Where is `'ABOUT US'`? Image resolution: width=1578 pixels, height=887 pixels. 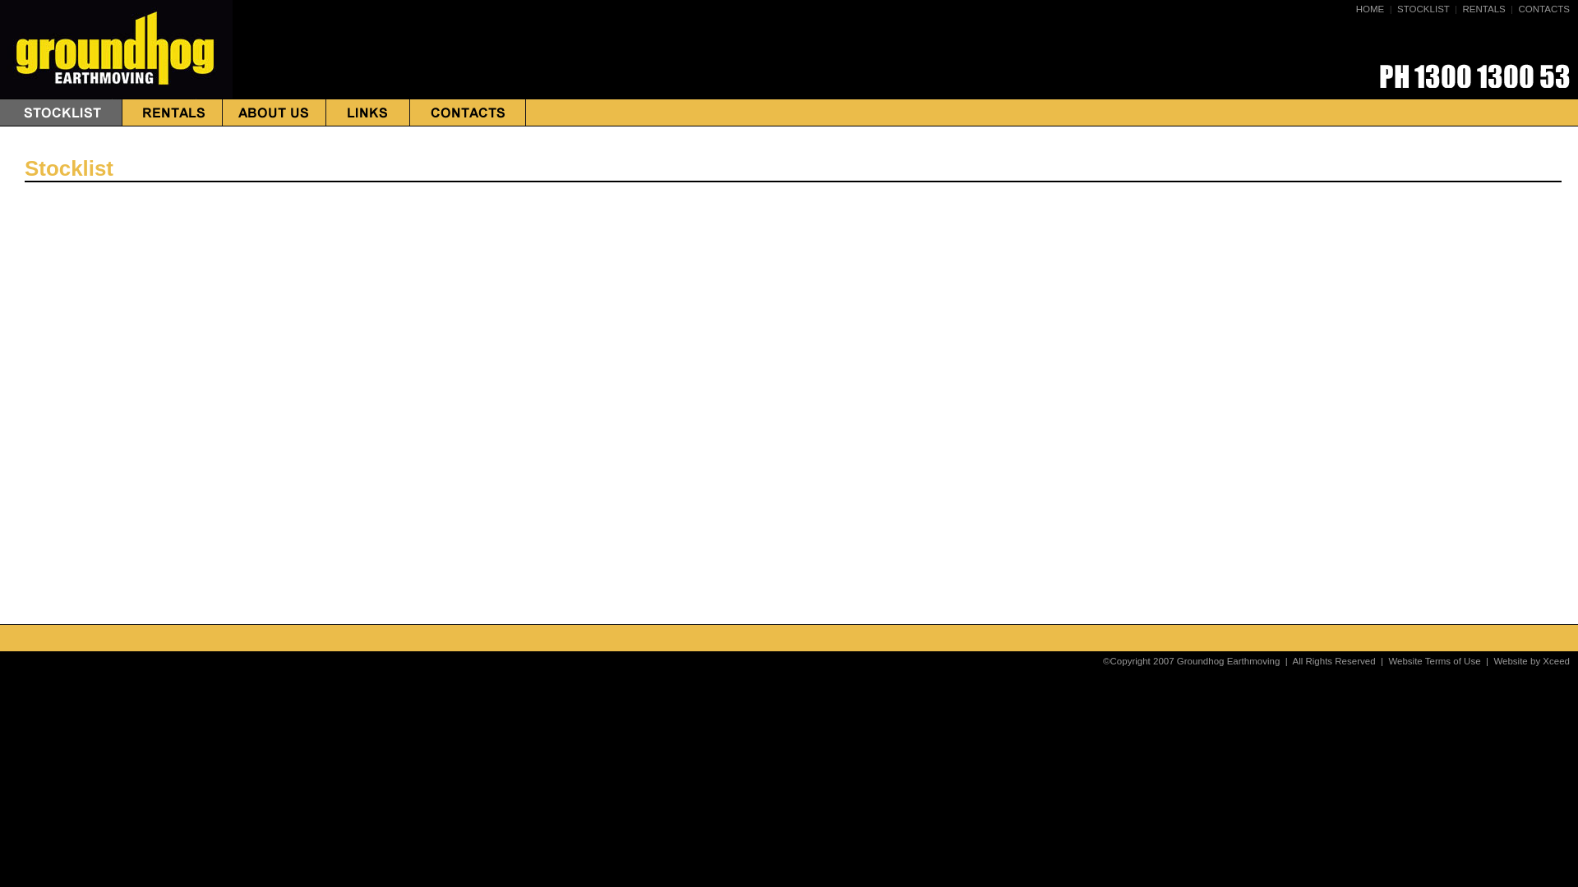
'ABOUT US' is located at coordinates (275, 120).